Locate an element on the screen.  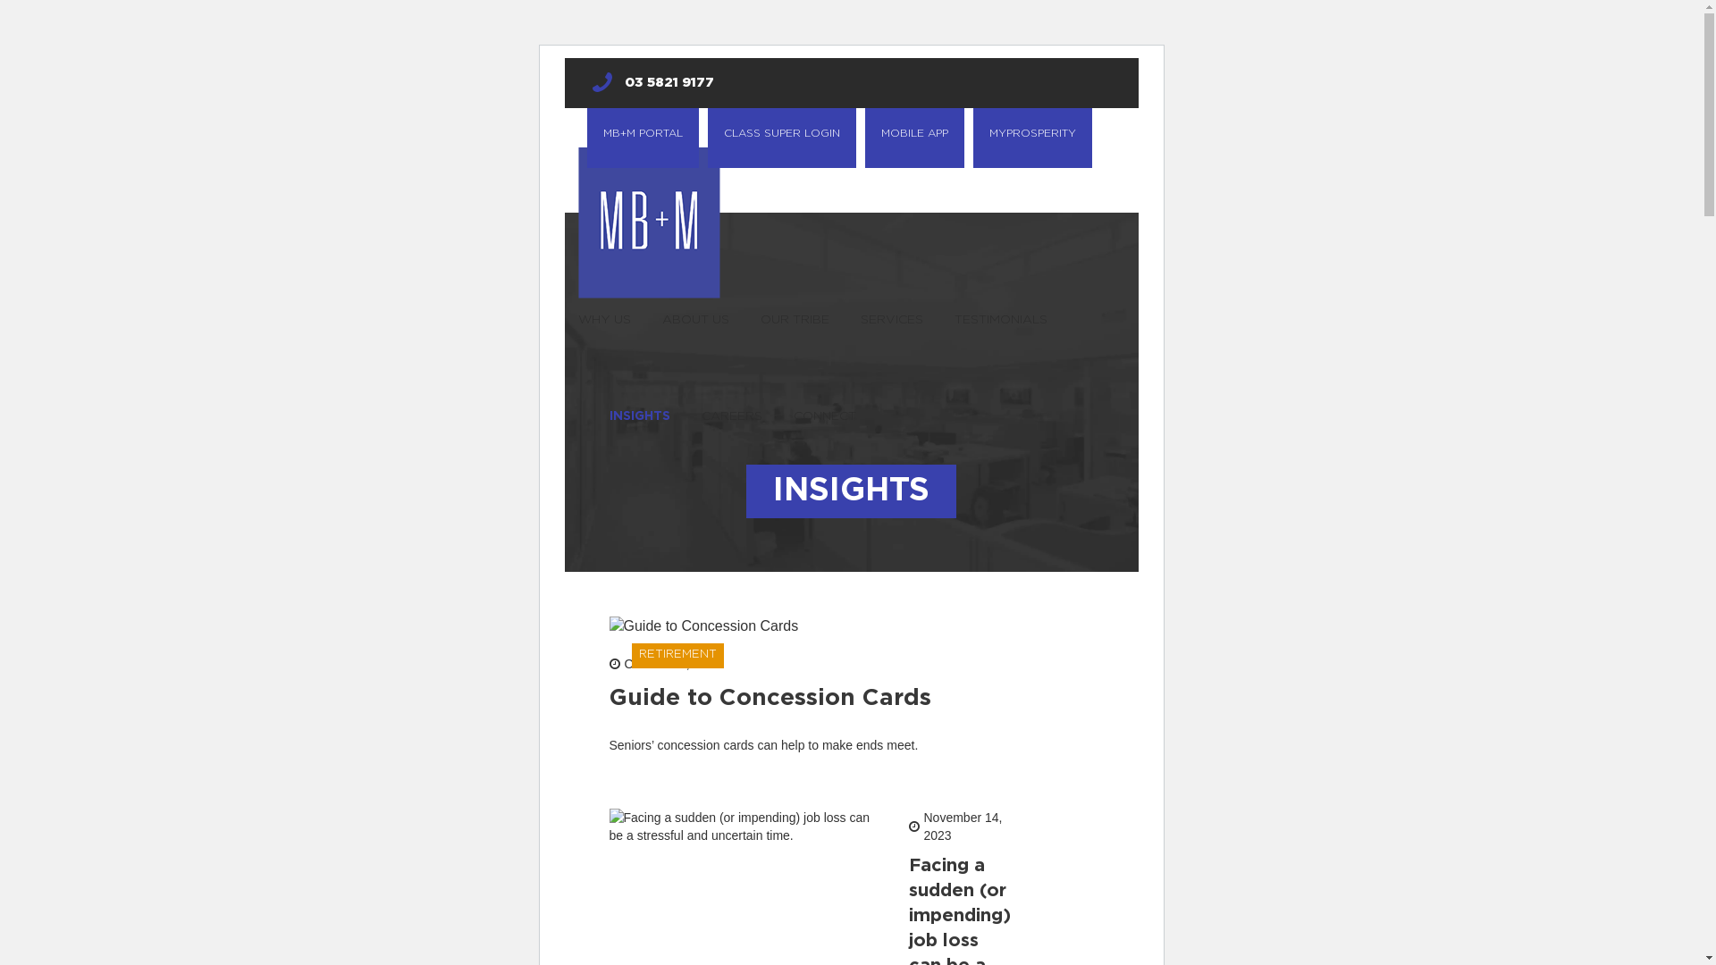
'WHY US' is located at coordinates (577, 319).